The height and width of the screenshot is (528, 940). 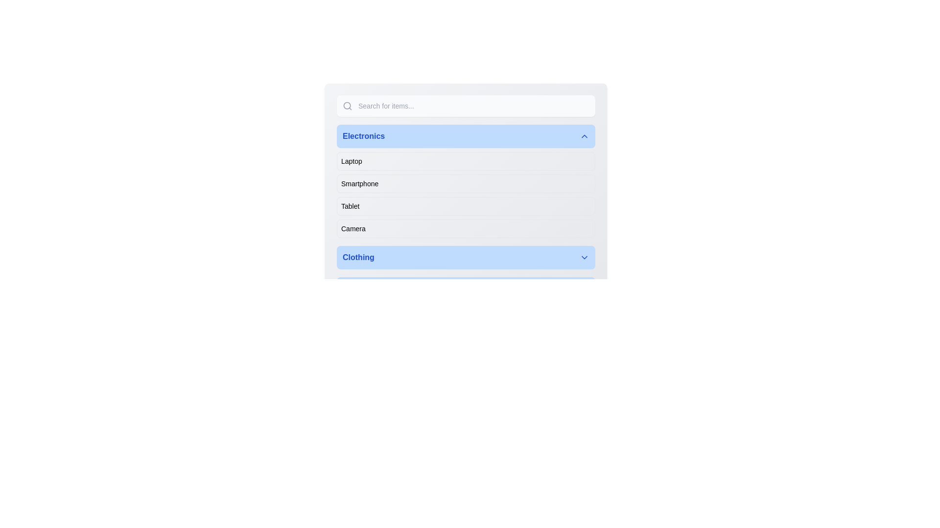 What do you see at coordinates (348, 106) in the screenshot?
I see `the search icon located at the top-left corner of the search bar, which is positioned to the left of the text input field with the placeholder 'Search for items...'` at bounding box center [348, 106].